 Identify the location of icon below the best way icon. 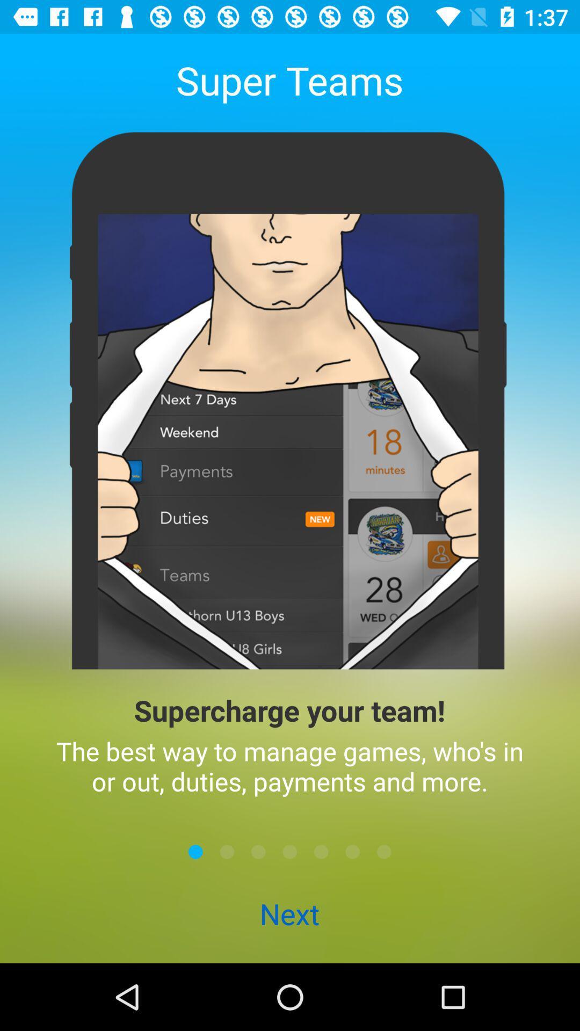
(290, 851).